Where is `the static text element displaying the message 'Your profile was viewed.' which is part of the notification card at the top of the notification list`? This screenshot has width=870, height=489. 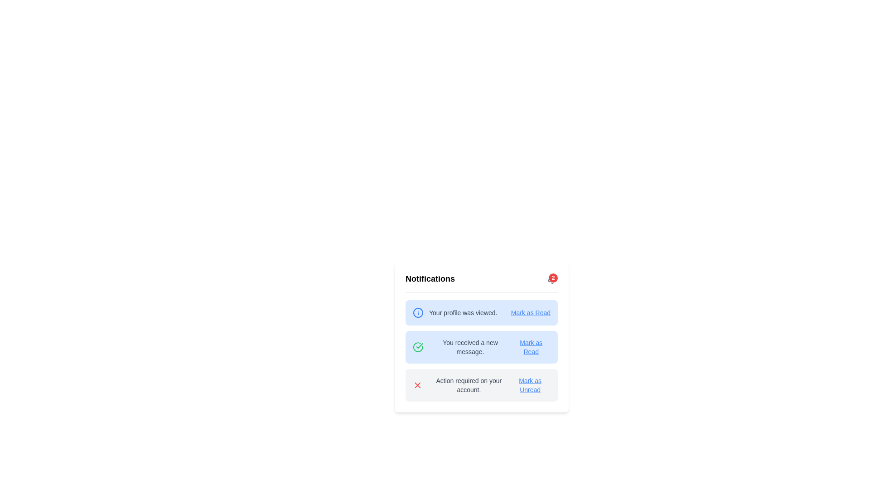 the static text element displaying the message 'Your profile was viewed.' which is part of the notification card at the top of the notification list is located at coordinates (463, 312).